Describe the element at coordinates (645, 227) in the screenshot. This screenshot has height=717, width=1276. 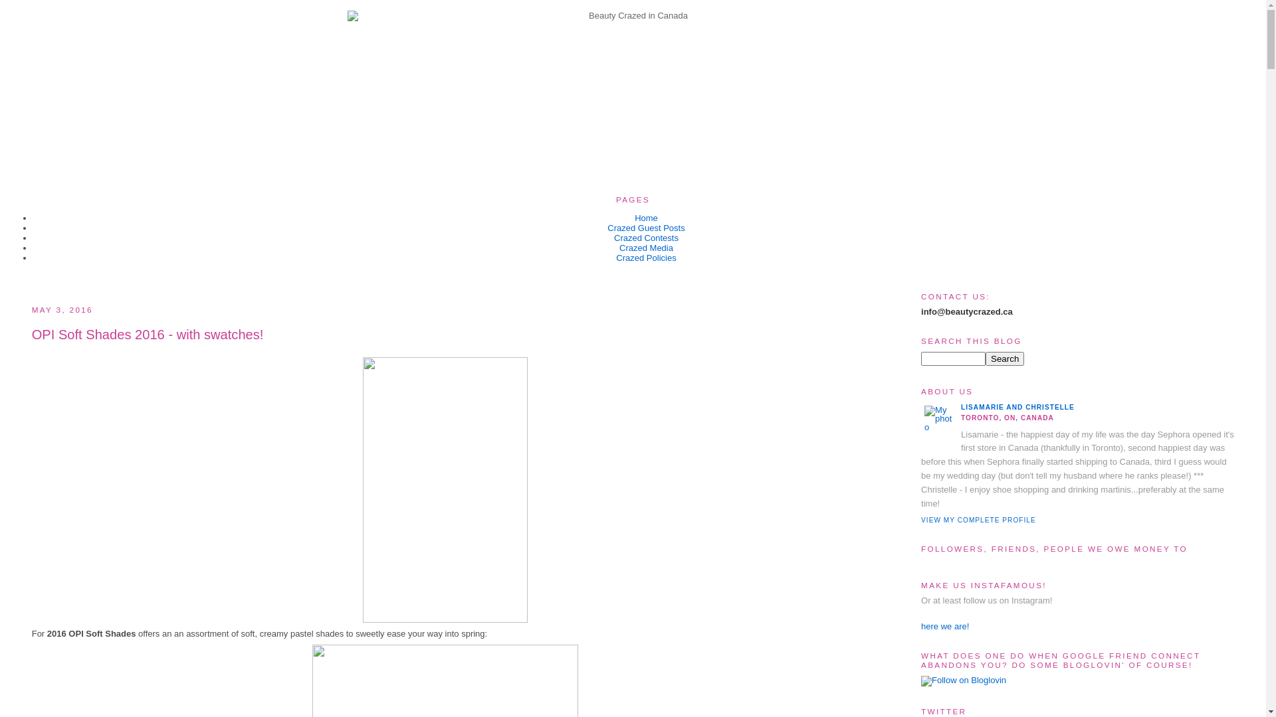
I see `'Crazed Guest Posts'` at that location.